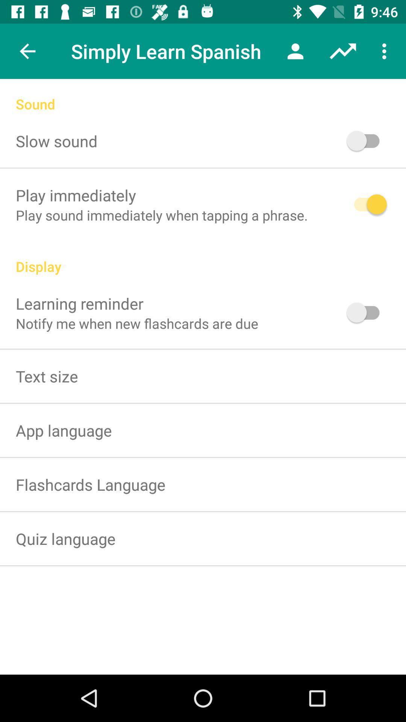 This screenshot has width=406, height=722. What do you see at coordinates (63, 430) in the screenshot?
I see `the app language item` at bounding box center [63, 430].